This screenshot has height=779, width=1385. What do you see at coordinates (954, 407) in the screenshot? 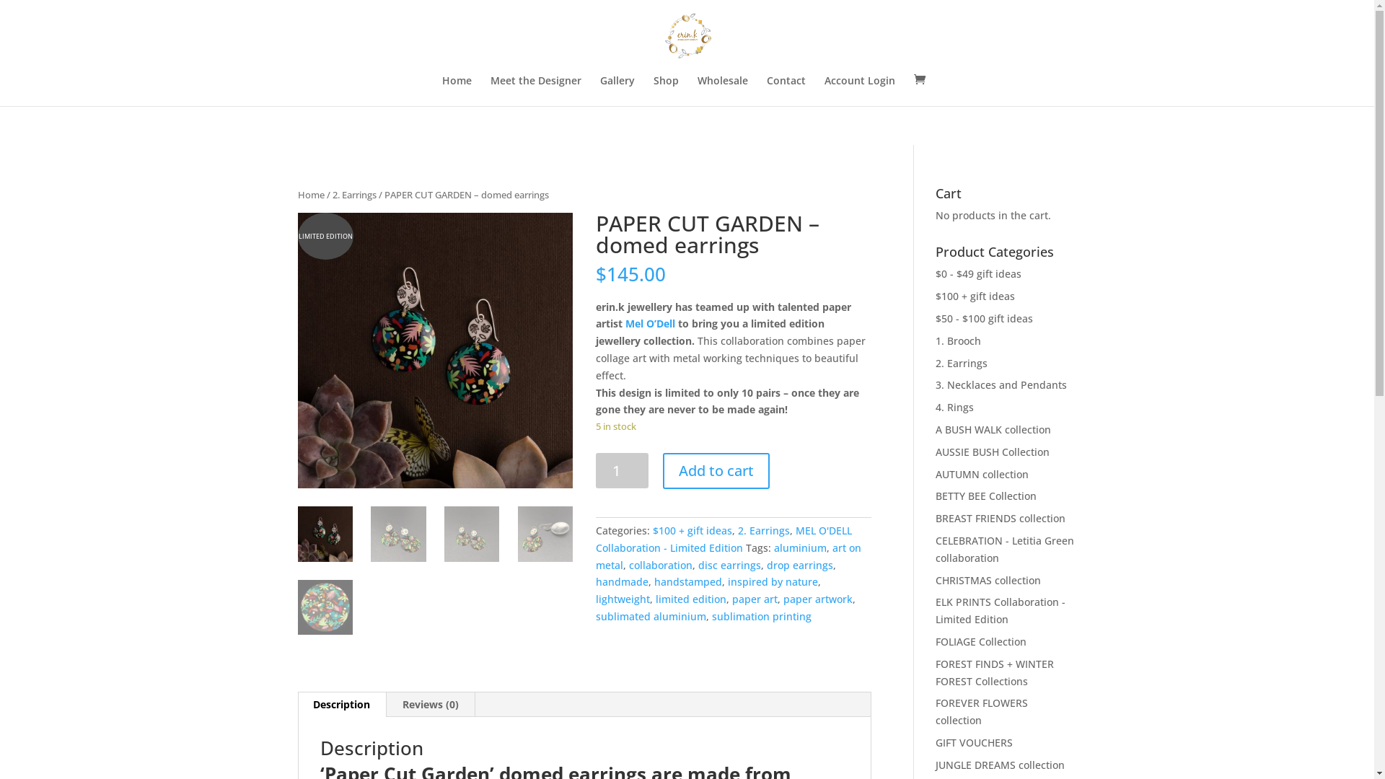
I see `'4. Rings'` at bounding box center [954, 407].